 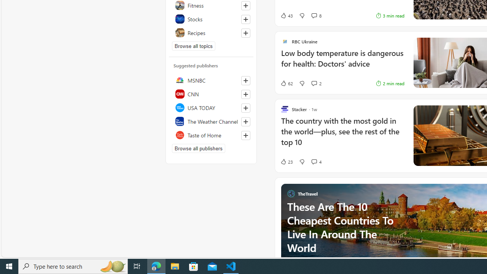 What do you see at coordinates (245, 33) in the screenshot?
I see `'Follow this topic'` at bounding box center [245, 33].